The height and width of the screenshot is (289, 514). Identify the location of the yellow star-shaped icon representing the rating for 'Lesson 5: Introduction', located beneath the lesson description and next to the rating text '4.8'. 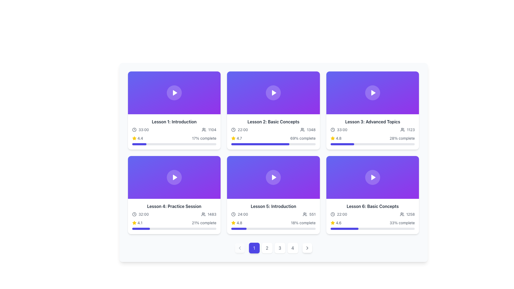
(233, 223).